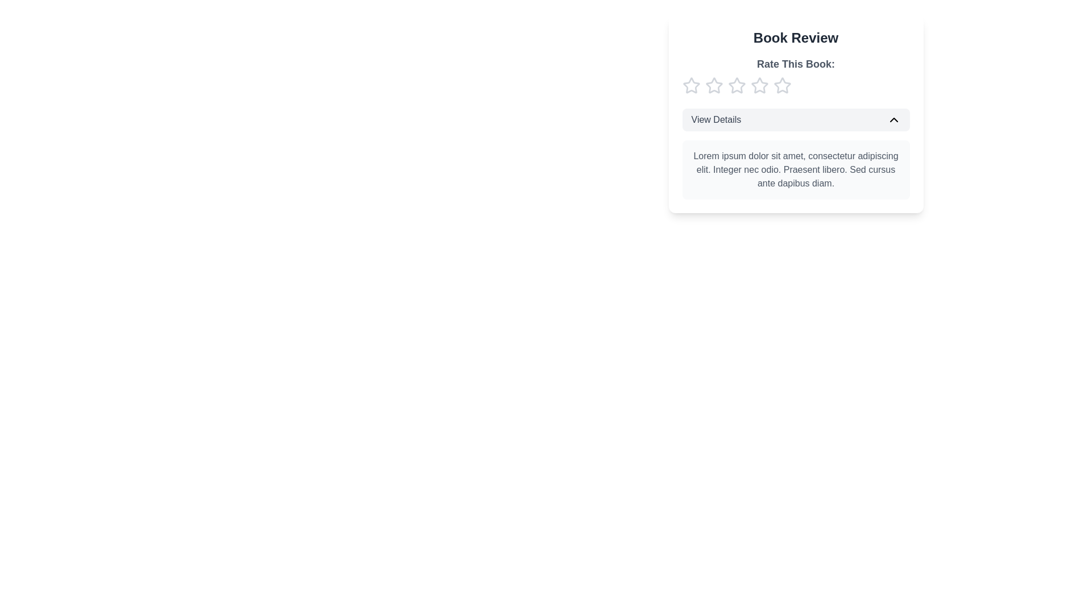  I want to click on the third star in the interactive star rating icon, which is located below the 'Rate This Book' title, so click(737, 85).